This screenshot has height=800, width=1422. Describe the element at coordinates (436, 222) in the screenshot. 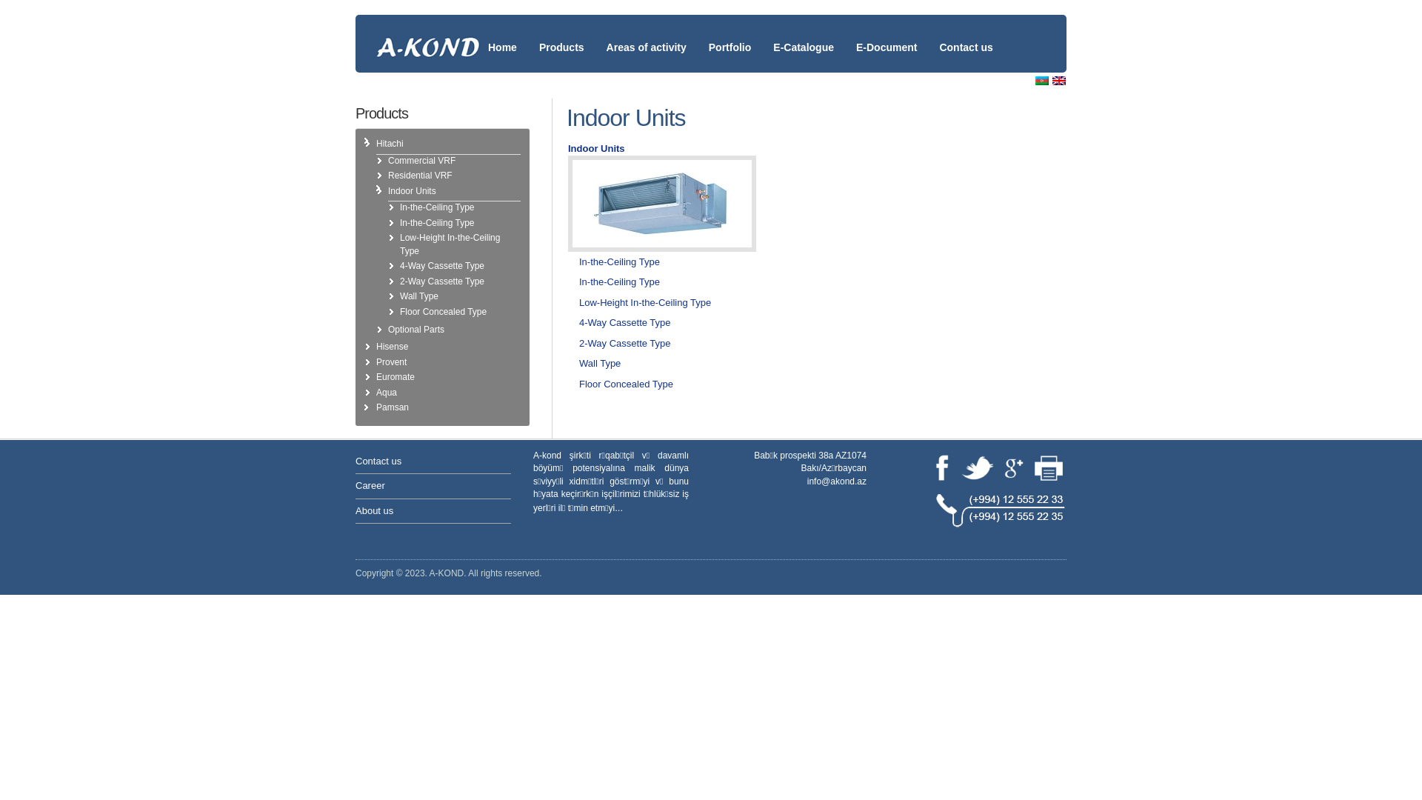

I see `'In-the-Ceiling Type'` at that location.